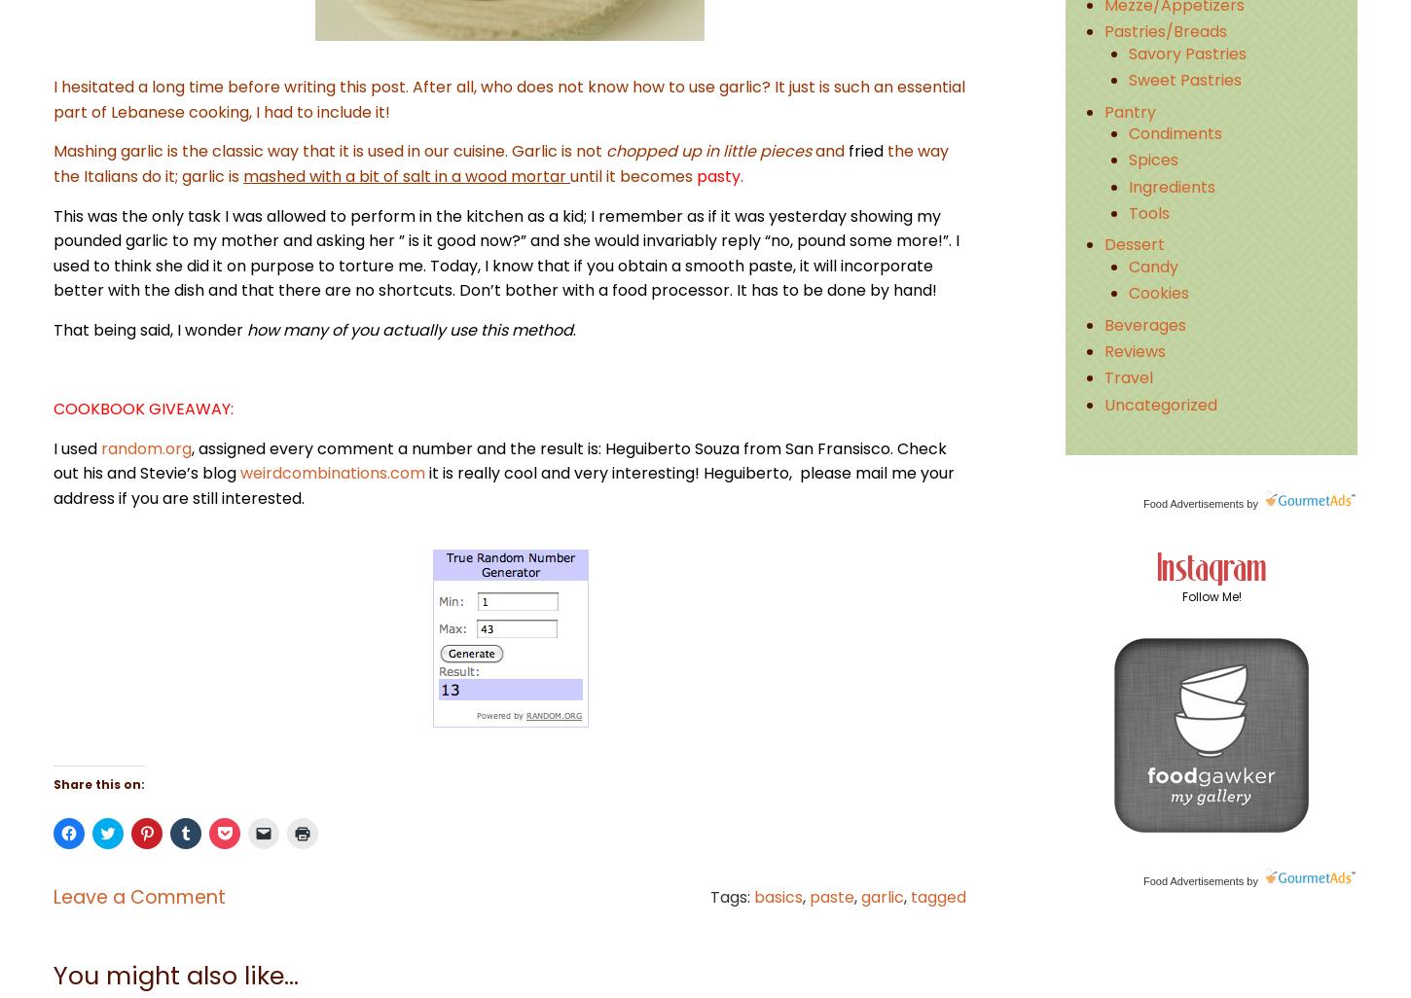 The height and width of the screenshot is (998, 1411). Describe the element at coordinates (53, 459) in the screenshot. I see `', assigned every comment a number and the result is: Heguiberto Souza from San Fransisco. Check out his and Stevie’s blog'` at that location.